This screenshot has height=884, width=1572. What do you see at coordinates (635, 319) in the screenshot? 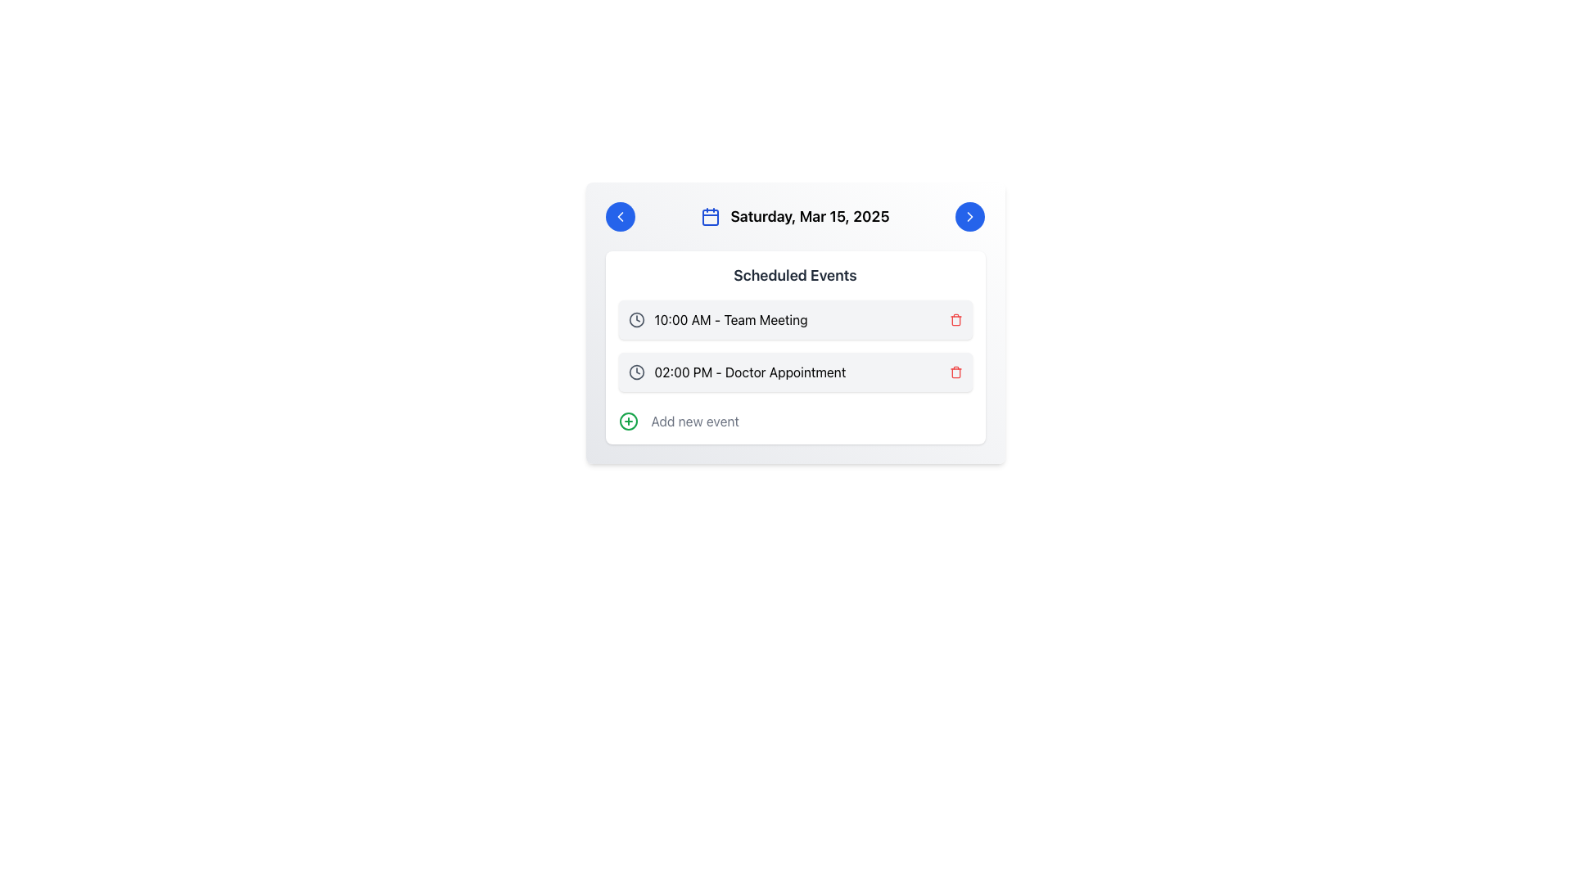
I see `the clock icon located to the left of the '10:00 AM - Team Meeting' text in the 'Scheduled Events' section` at bounding box center [635, 319].